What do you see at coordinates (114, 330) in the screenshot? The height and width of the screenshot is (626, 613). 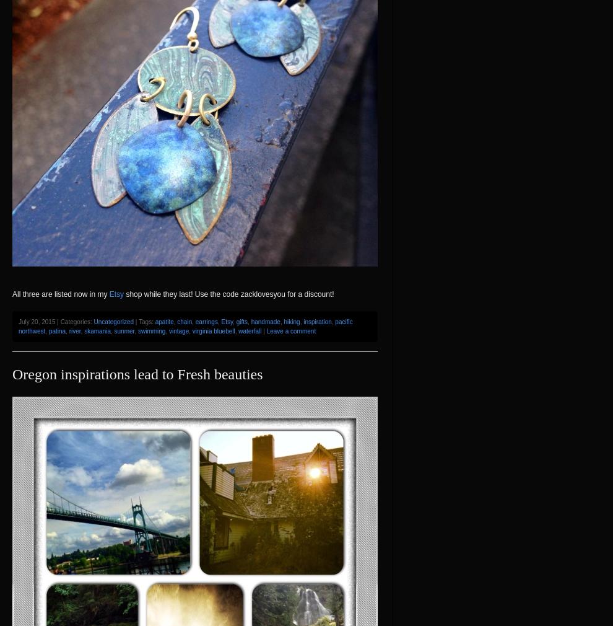 I see `'sunmer'` at bounding box center [114, 330].